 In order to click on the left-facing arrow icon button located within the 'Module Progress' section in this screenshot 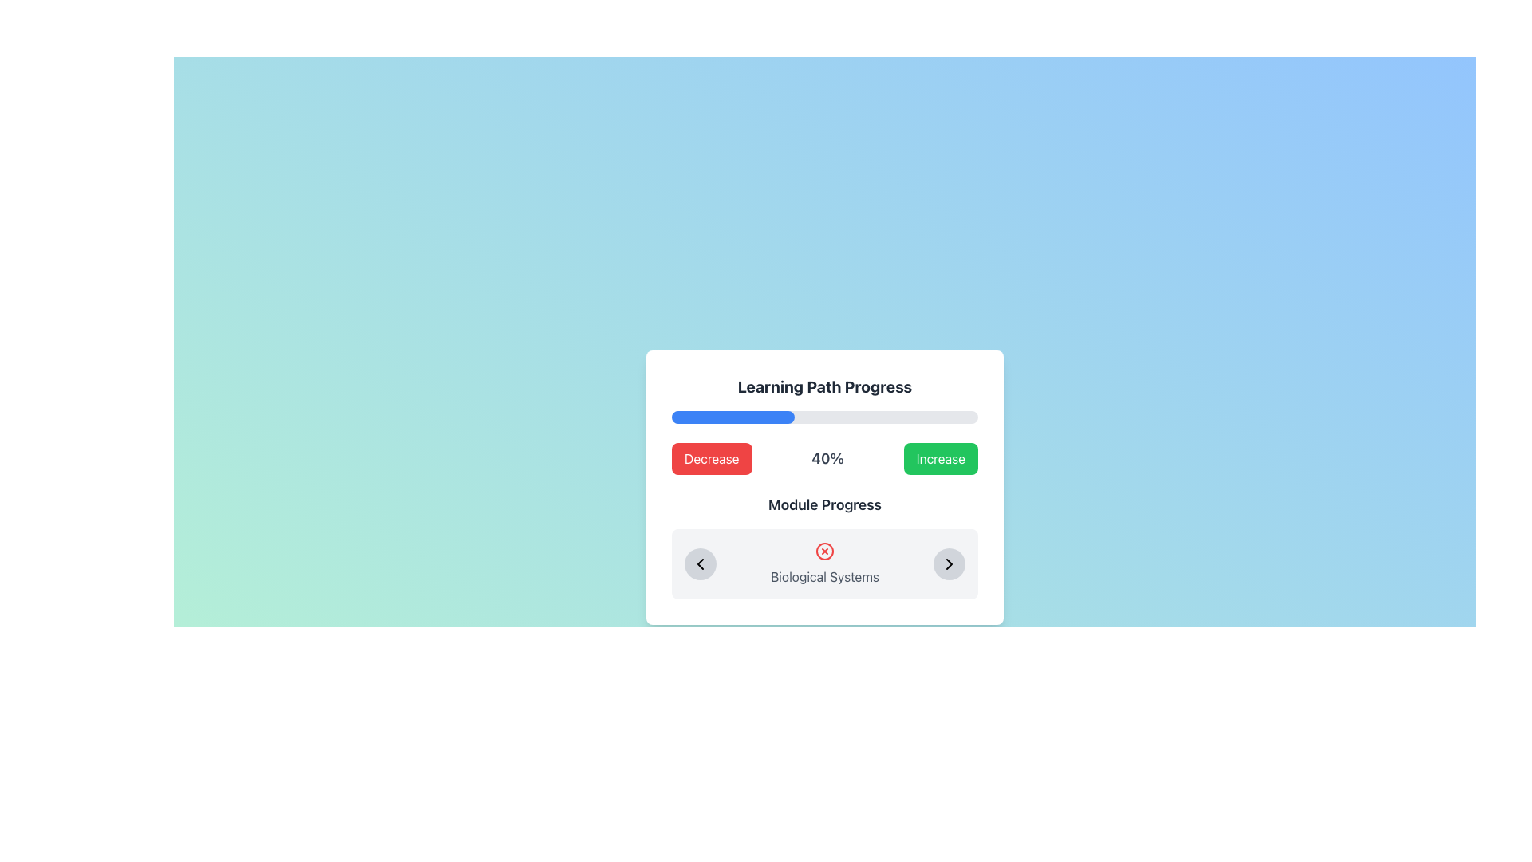, I will do `click(701, 563)`.